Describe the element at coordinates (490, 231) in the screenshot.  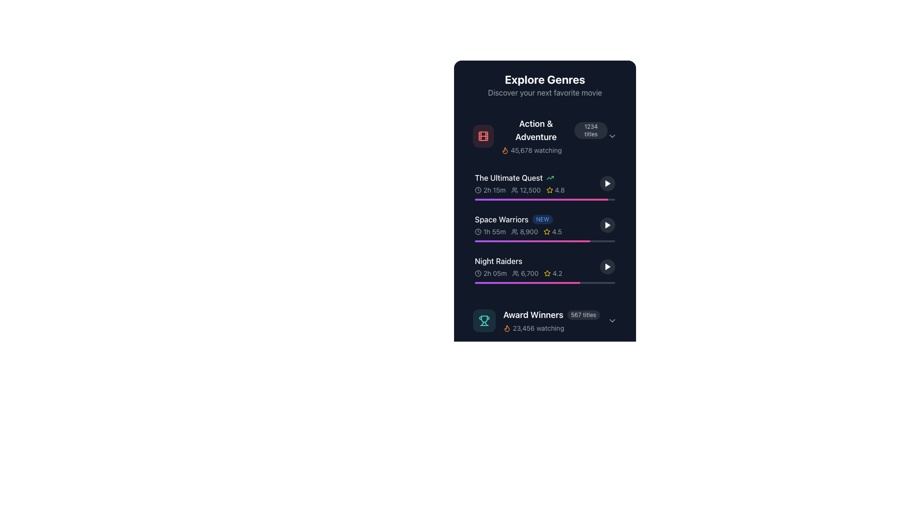
I see `the Label with the text '1h 55m' and a clock icon, which is located in the second row under 'Space Warriors'` at that location.